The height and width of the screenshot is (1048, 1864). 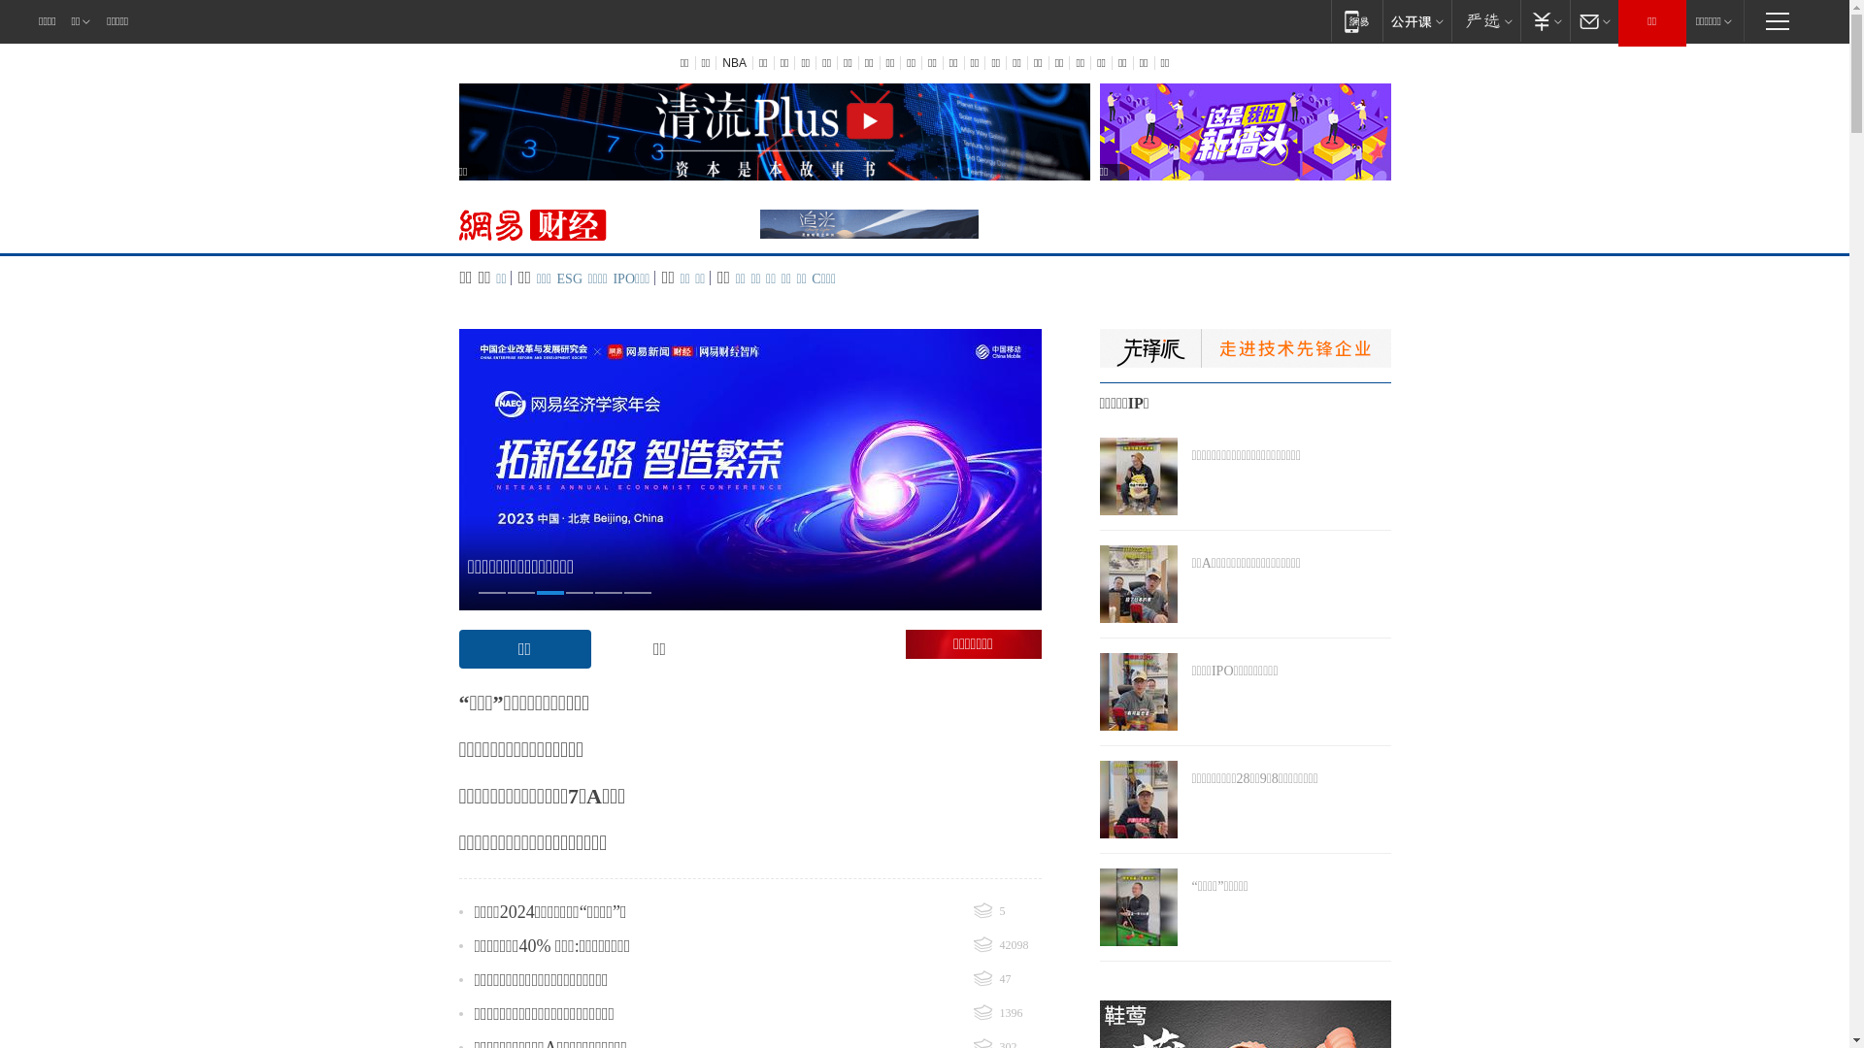 I want to click on 'ESG', so click(x=568, y=278).